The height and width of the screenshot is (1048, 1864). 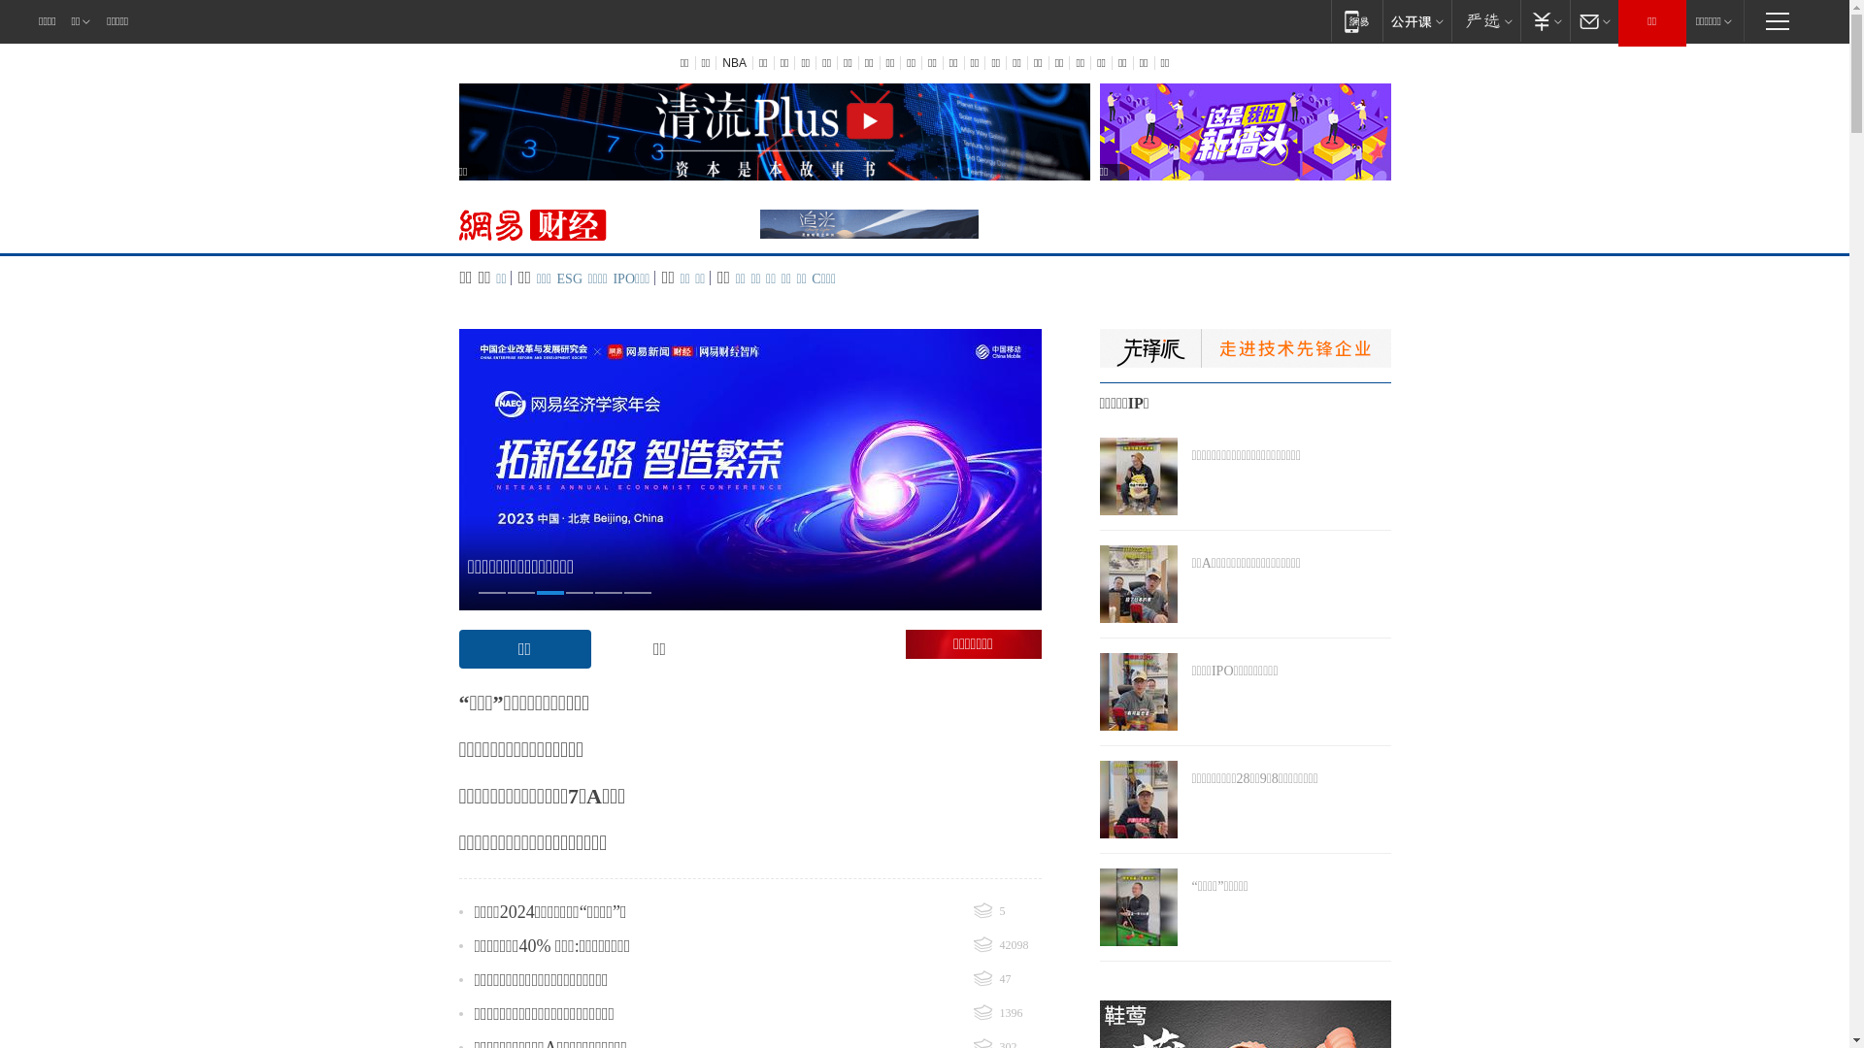 I want to click on 'ESG', so click(x=568, y=278).